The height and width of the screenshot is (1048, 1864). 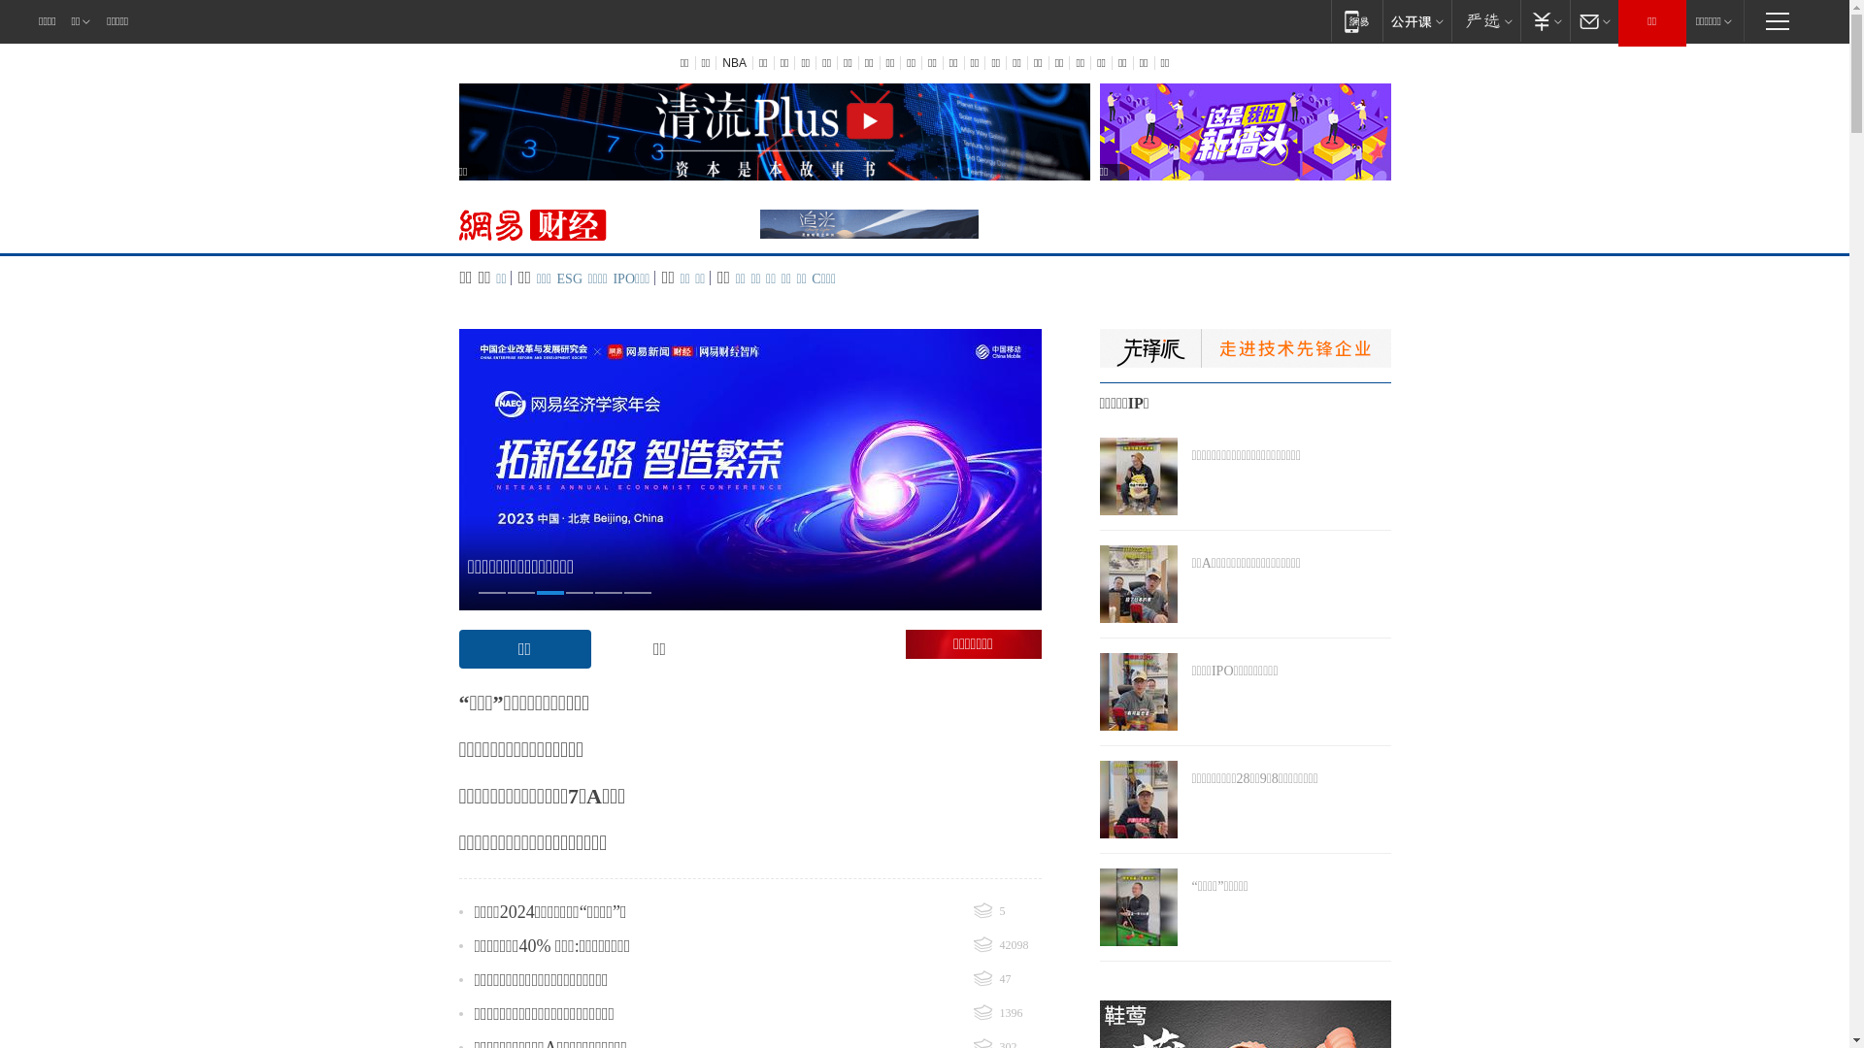 I want to click on 'ESG', so click(x=568, y=278).